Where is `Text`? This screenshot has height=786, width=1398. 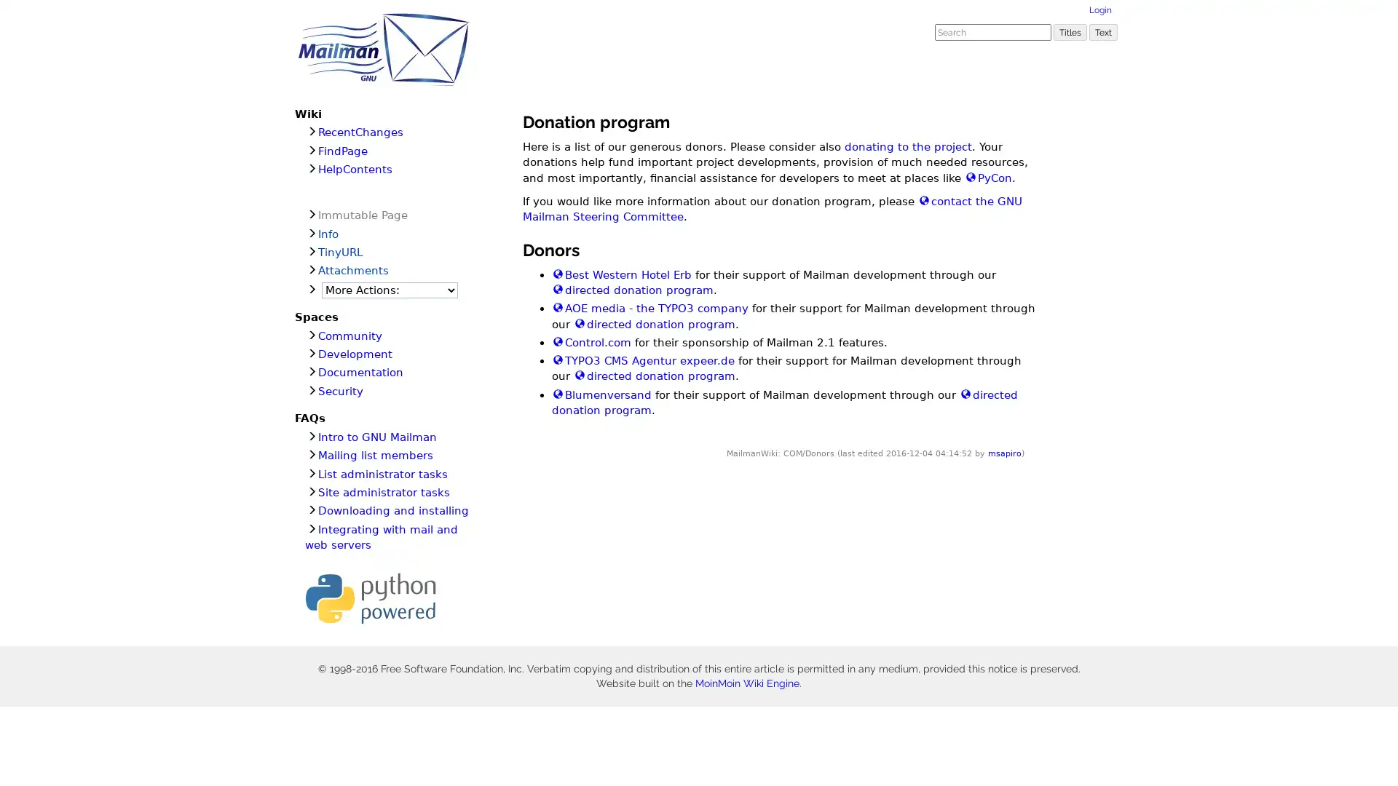 Text is located at coordinates (1103, 31).